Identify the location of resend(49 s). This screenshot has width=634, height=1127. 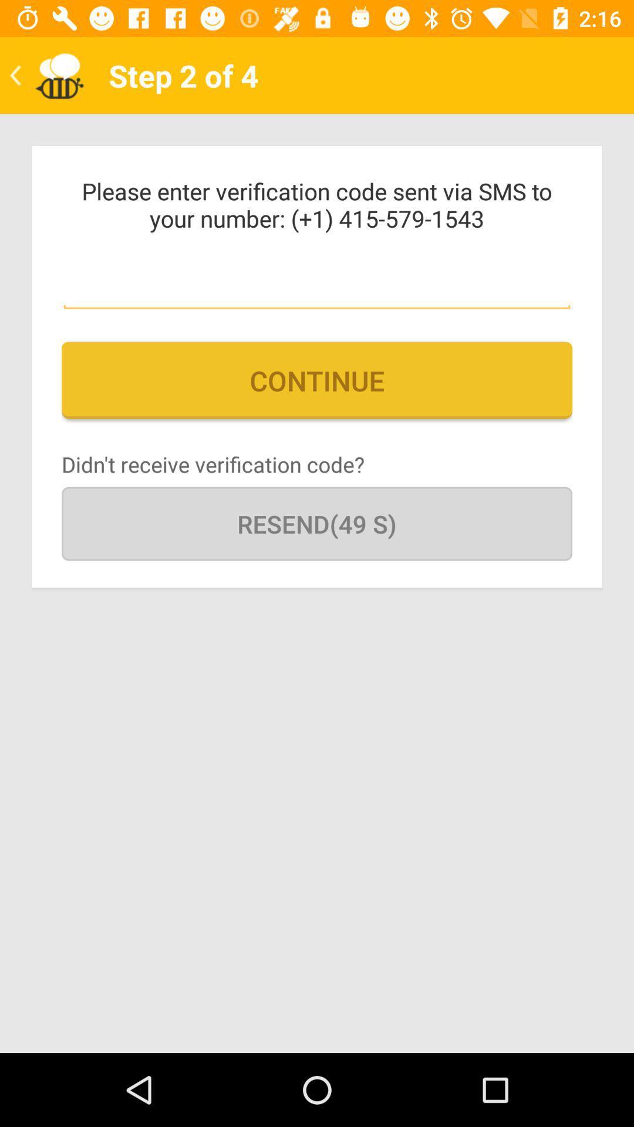
(317, 523).